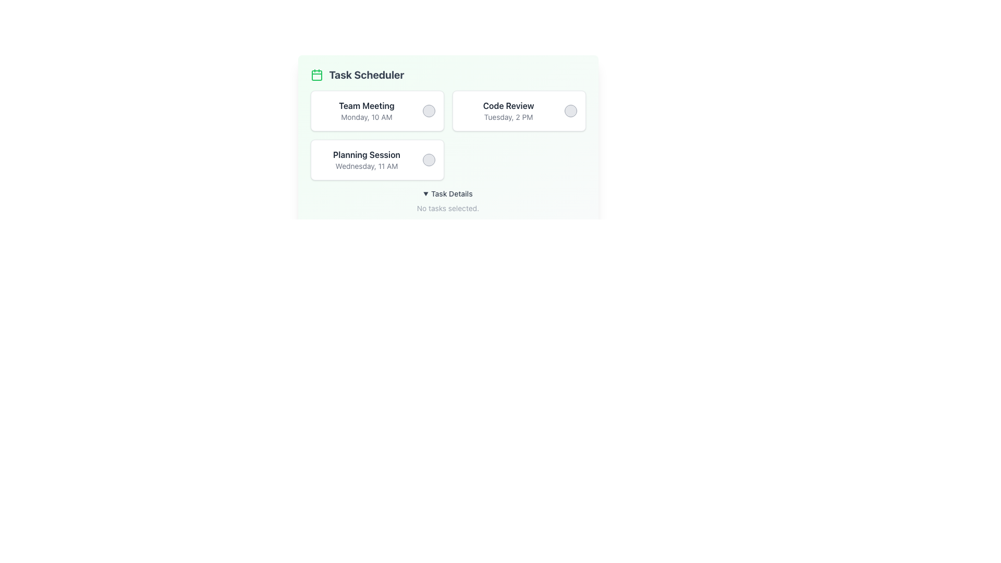 This screenshot has width=1001, height=563. Describe the element at coordinates (508, 111) in the screenshot. I see `the 'Code Review' textual label element, which features a bold black heading and a lighter gray subtitle, located in a card-style item in the list` at that location.